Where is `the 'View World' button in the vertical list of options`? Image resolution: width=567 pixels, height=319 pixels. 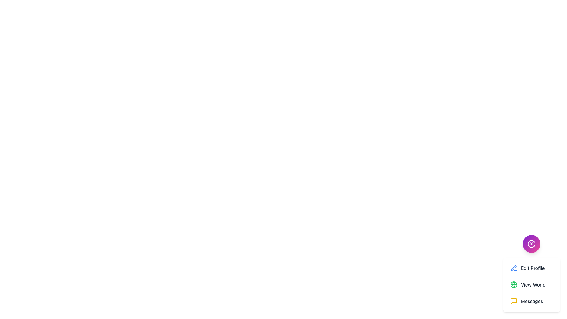
the 'View World' button in the vertical list of options is located at coordinates (532, 284).